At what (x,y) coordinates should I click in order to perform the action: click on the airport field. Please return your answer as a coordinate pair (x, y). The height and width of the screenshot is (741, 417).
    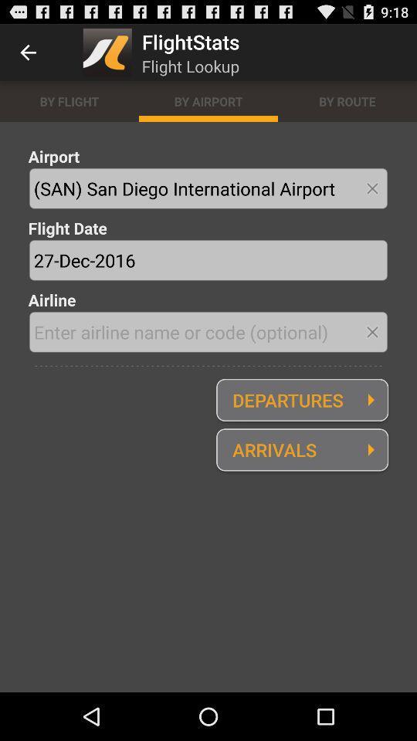
    Looking at the image, I should click on (208, 188).